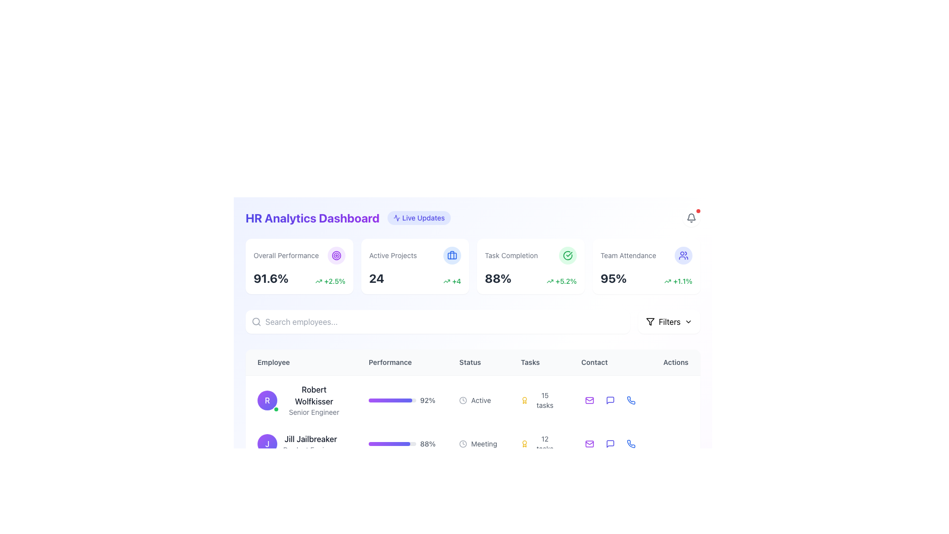 The width and height of the screenshot is (949, 534). I want to click on the '12 tasks' label, which is styled with a small gray font and located to the right of a yellow award icon in the second row under the 'Tasks' column, so click(538, 444).